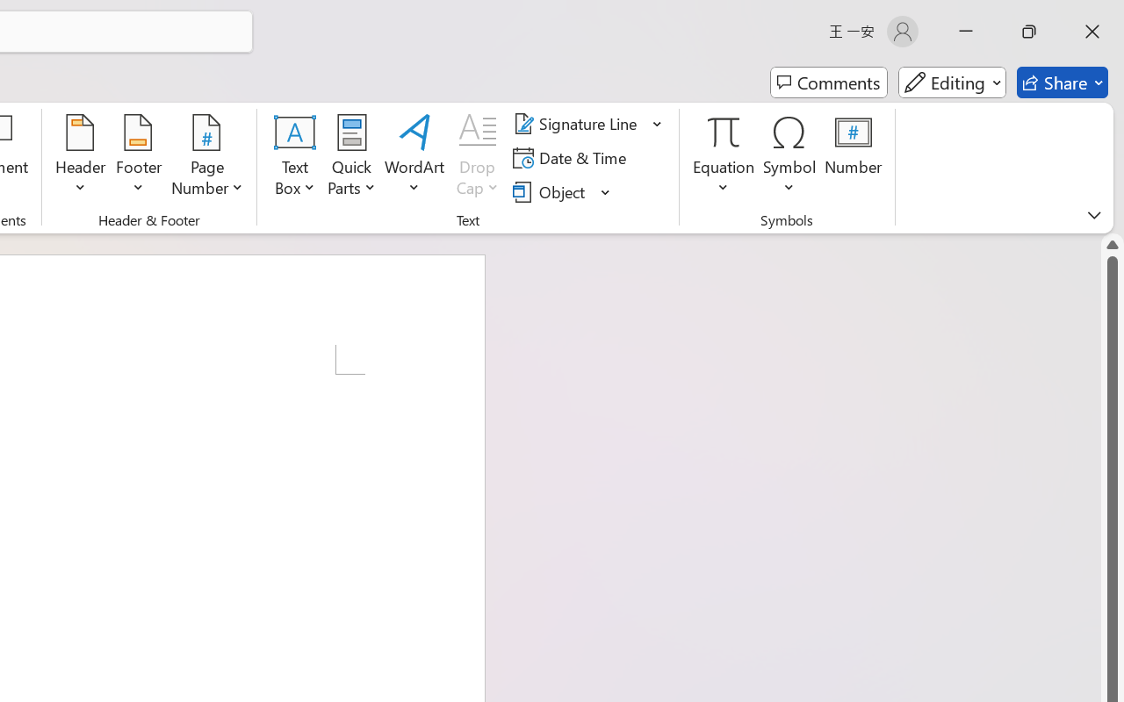  I want to click on 'Date & Time...', so click(573, 157).